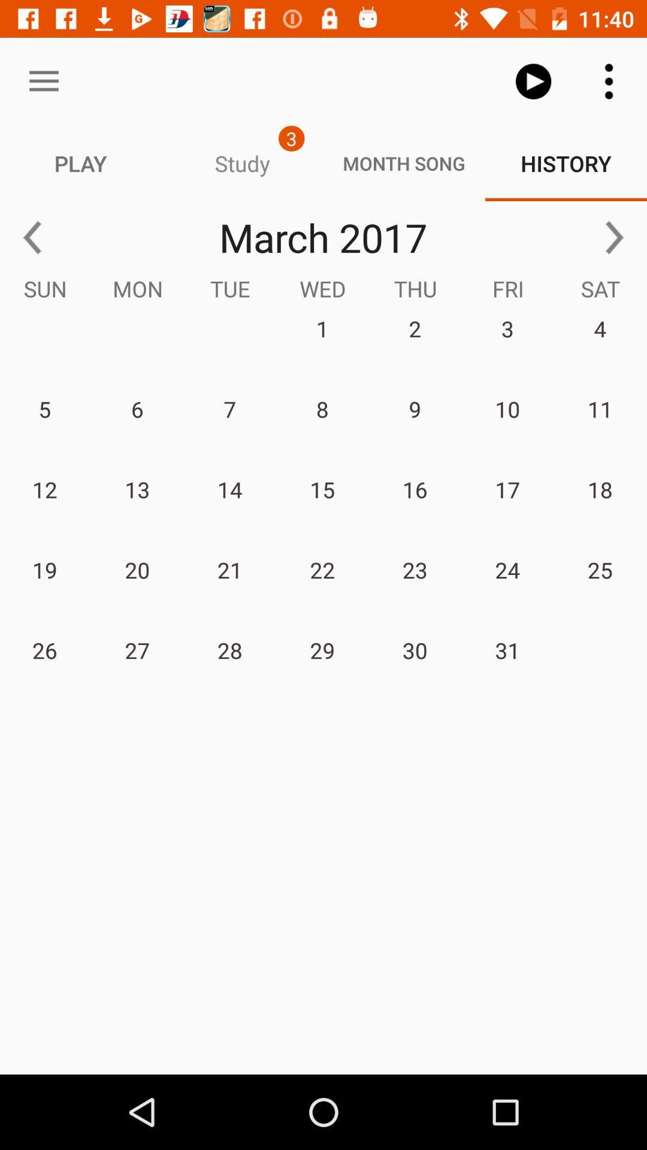 The height and width of the screenshot is (1150, 647). Describe the element at coordinates (43, 81) in the screenshot. I see `icon above the play item` at that location.